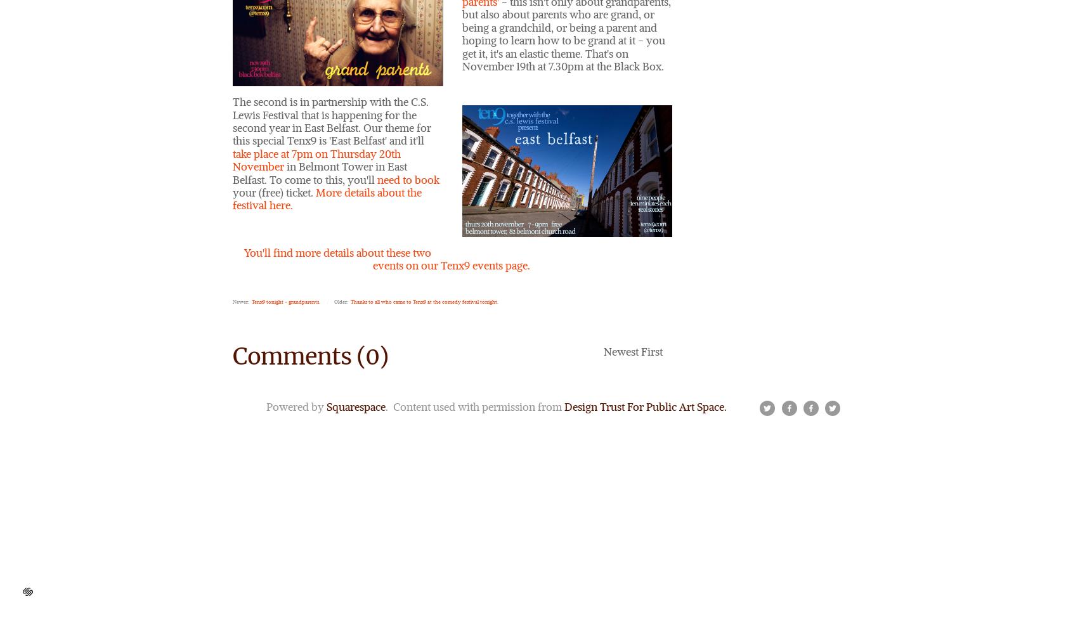 The height and width of the screenshot is (634, 1073). Describe the element at coordinates (341, 301) in the screenshot. I see `'Older:'` at that location.